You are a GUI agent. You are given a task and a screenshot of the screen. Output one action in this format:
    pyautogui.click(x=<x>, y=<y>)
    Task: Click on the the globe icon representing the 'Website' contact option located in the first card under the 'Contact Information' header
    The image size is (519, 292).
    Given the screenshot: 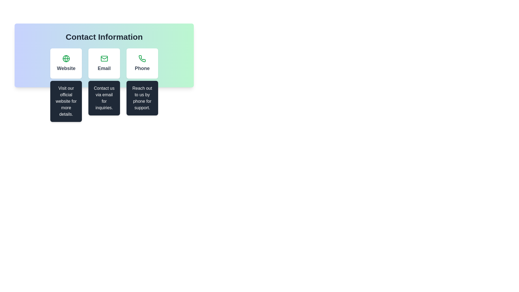 What is the action you would take?
    pyautogui.click(x=66, y=58)
    